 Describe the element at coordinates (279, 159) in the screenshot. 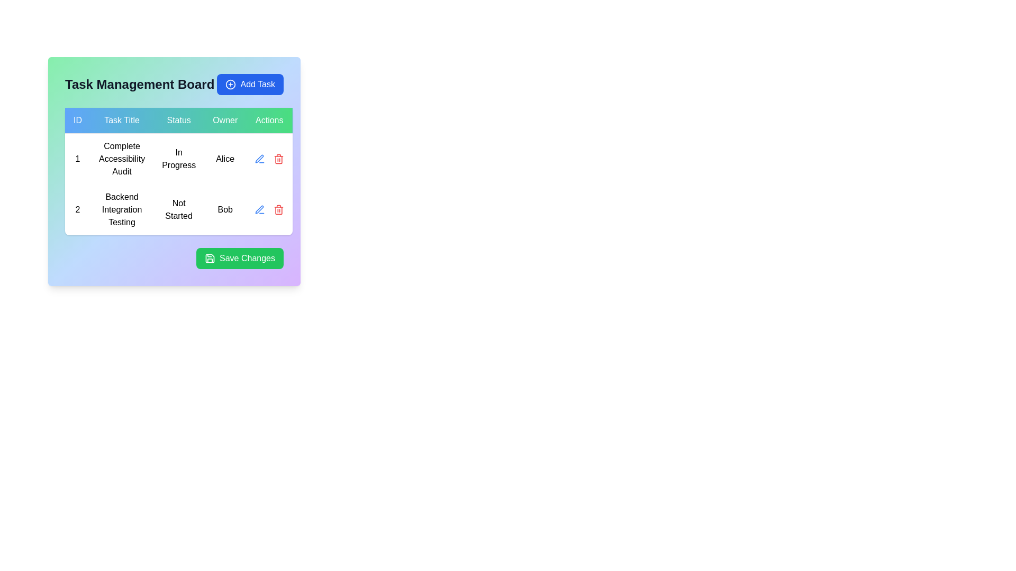

I see `the clickable icon, represented by a trash can symbol, located in the 'Actions' column of the table` at that location.